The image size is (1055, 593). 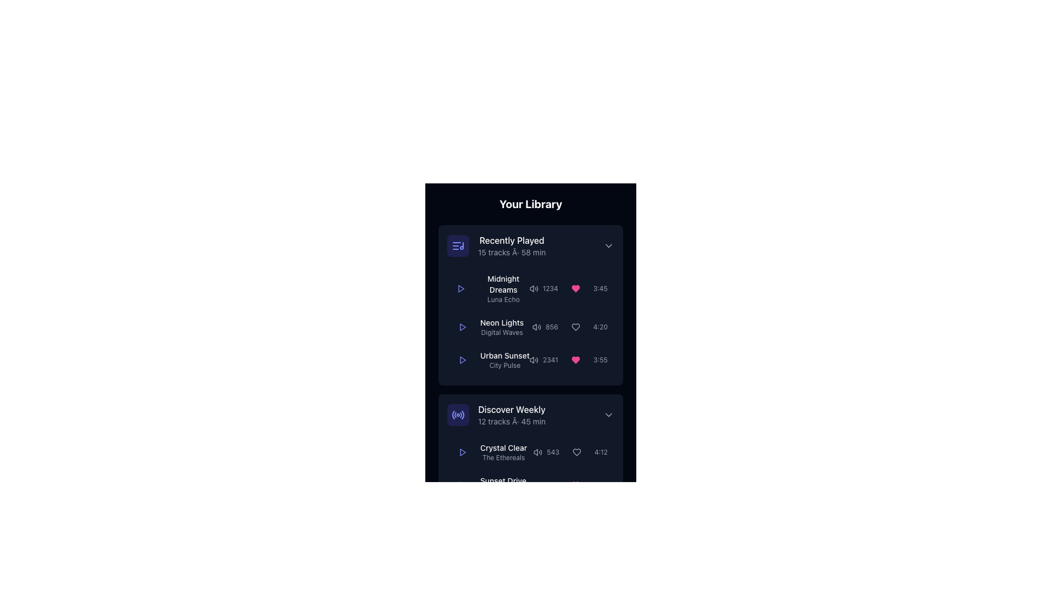 What do you see at coordinates (503, 288) in the screenshot?
I see `the text label displaying the title and artist or album details of a track in the 'Recently Played' section, which is the first text block in the list` at bounding box center [503, 288].